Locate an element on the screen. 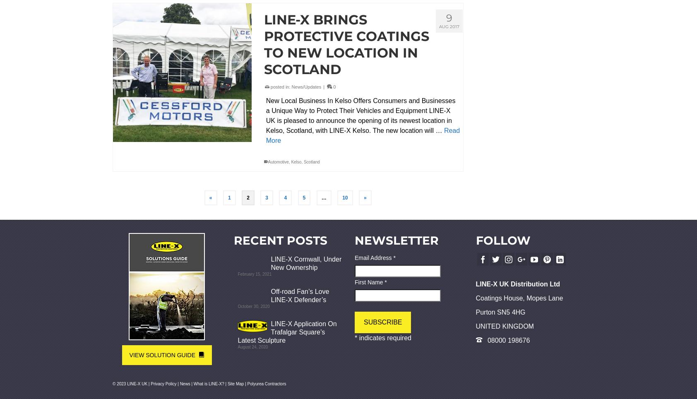  '9' is located at coordinates (449, 18).